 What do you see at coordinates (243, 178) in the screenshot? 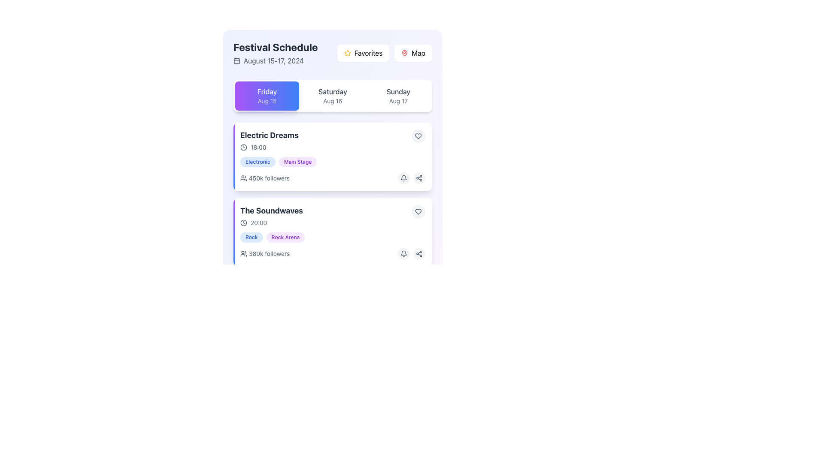
I see `the icon representing a group of people, located to the left of the text '450k followers' in the first card of the schedule list` at bounding box center [243, 178].